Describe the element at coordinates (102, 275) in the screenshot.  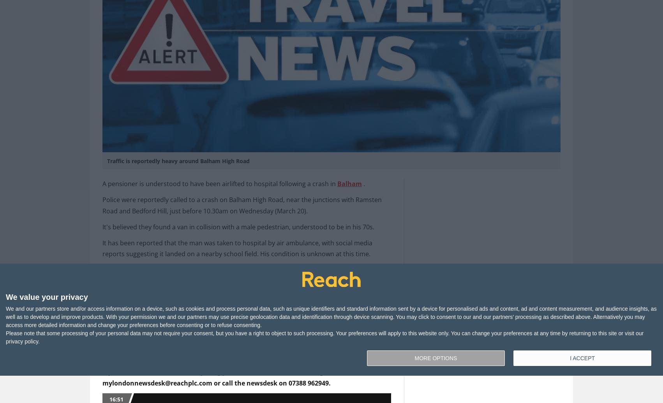
I see `'High Road is still closed in both directions, with heavy traffic in the area and seven bus routes diverted.'` at that location.